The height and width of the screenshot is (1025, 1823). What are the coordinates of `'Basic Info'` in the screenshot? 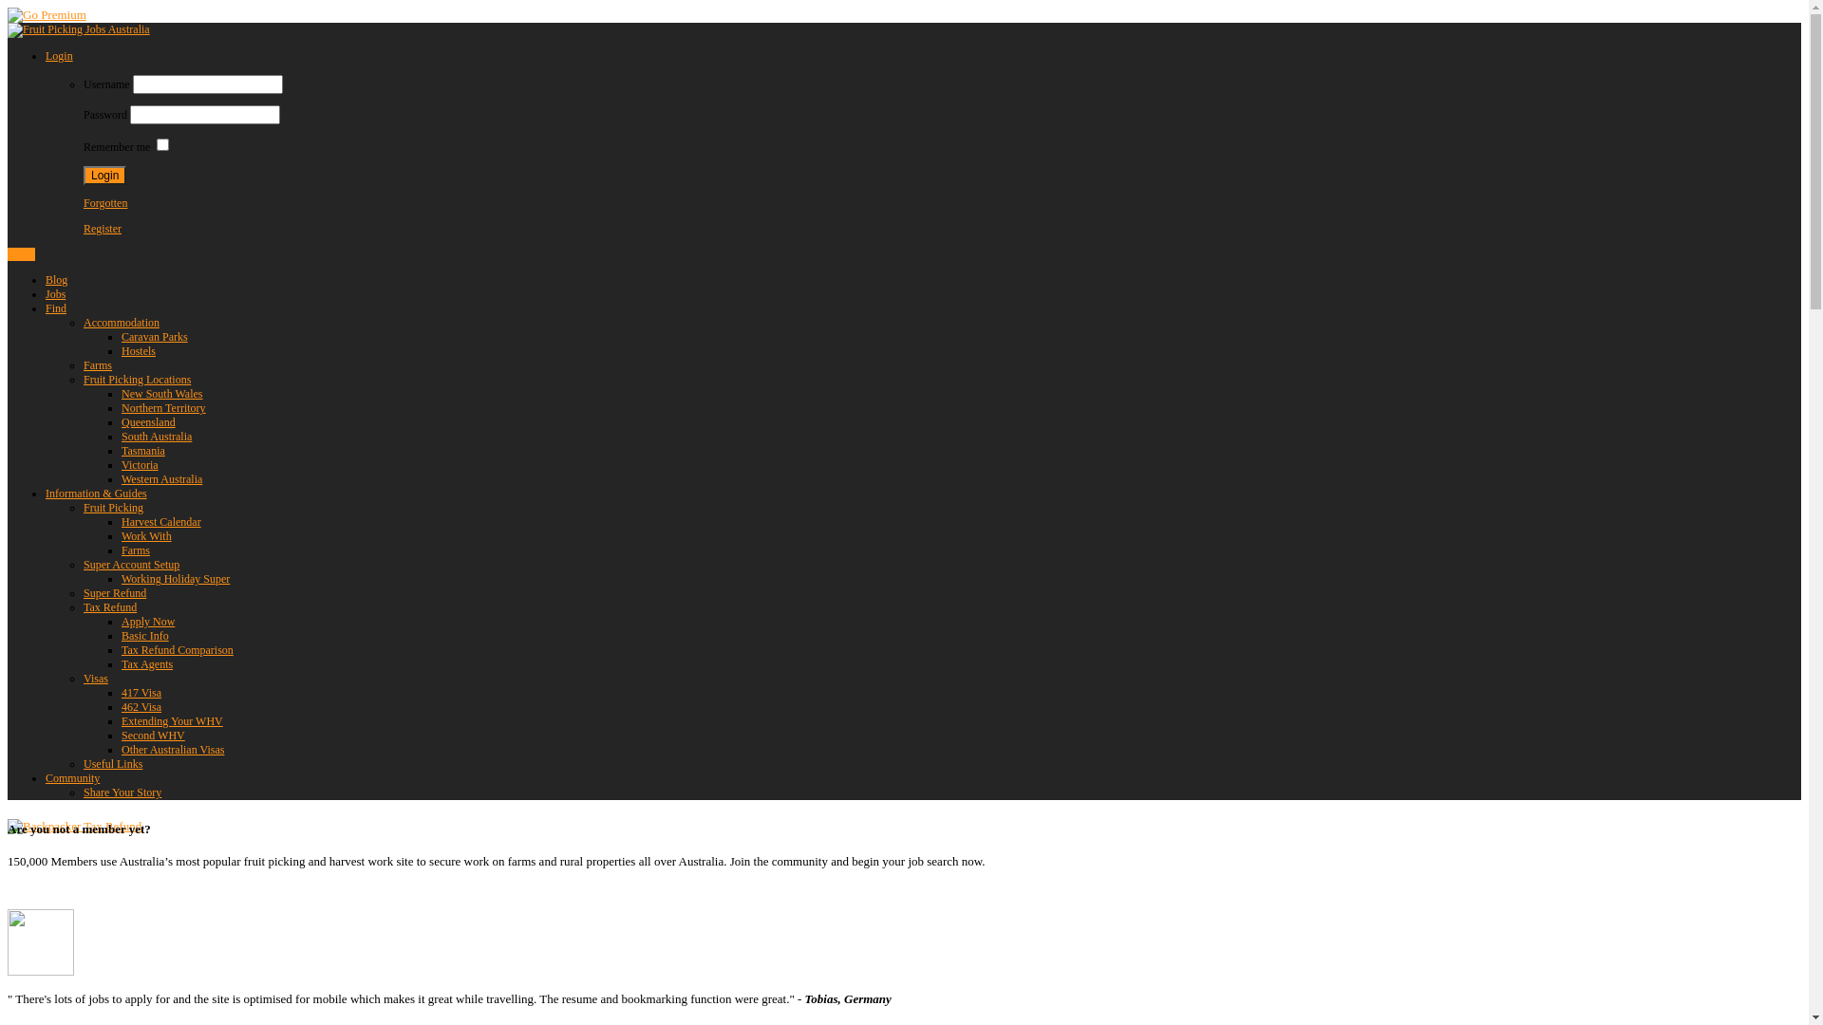 It's located at (144, 636).